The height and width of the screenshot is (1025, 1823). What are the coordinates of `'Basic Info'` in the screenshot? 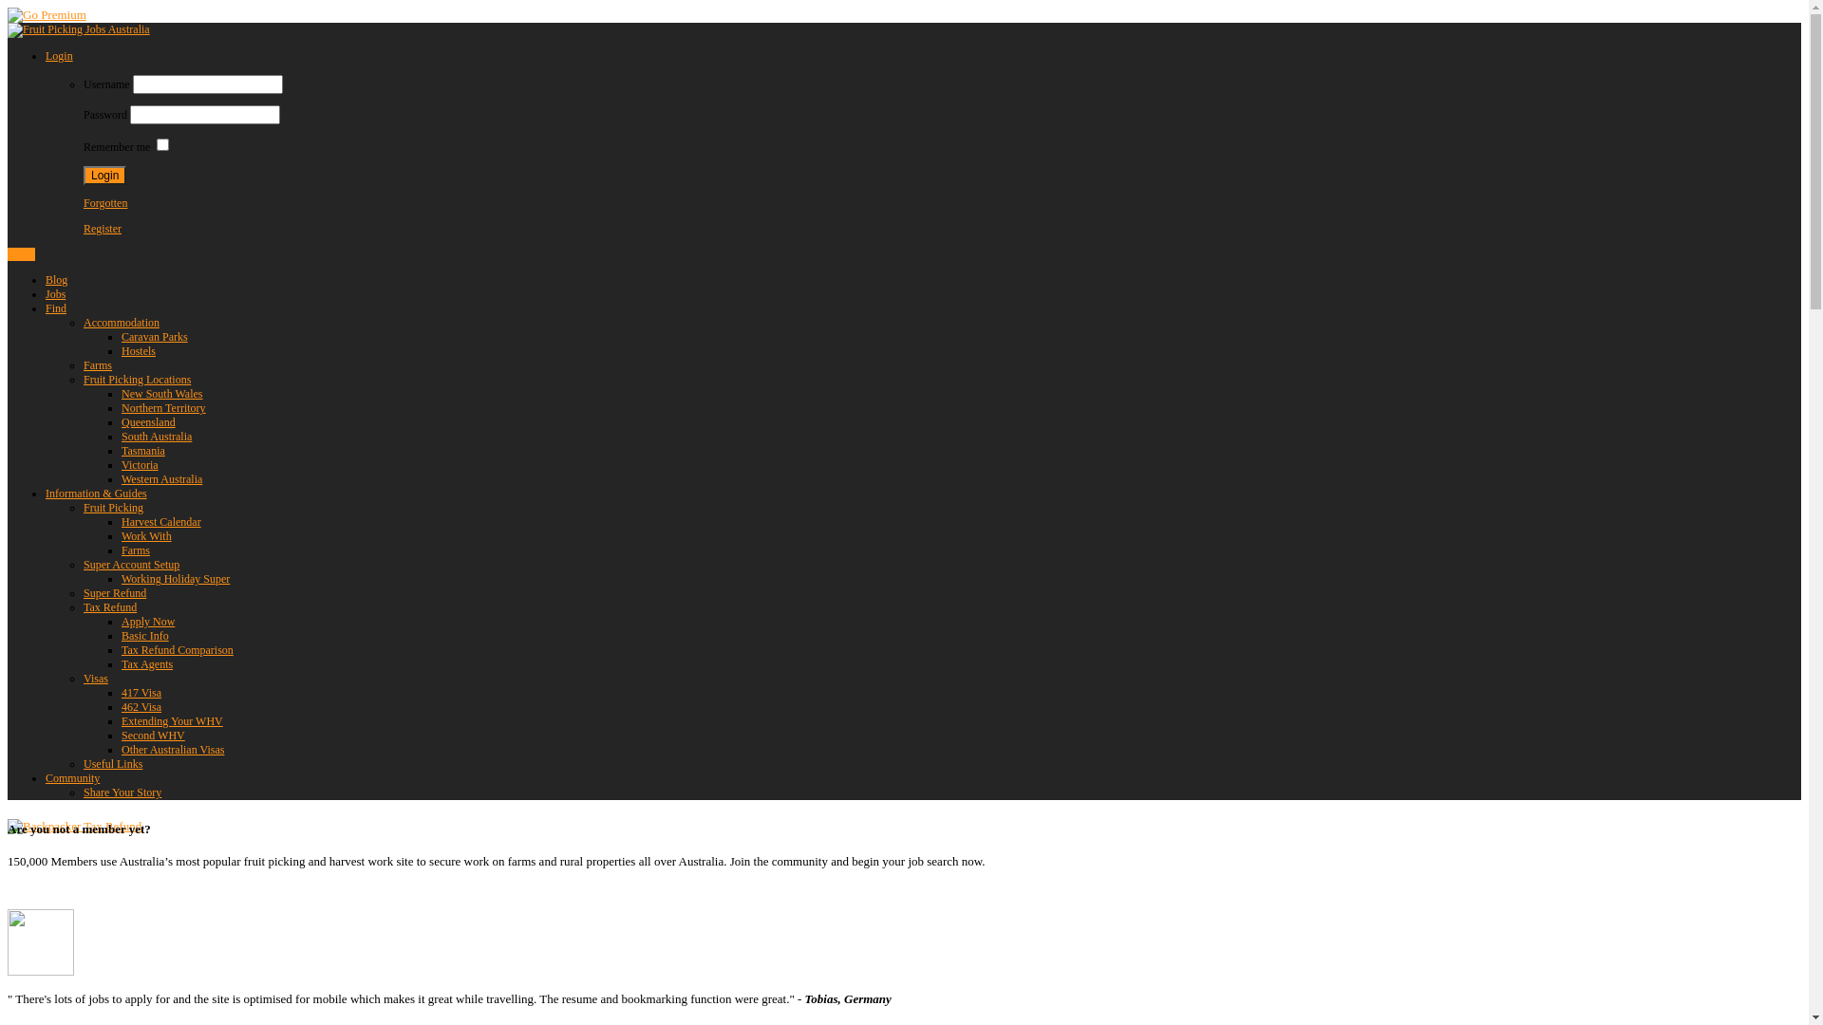 It's located at (144, 636).